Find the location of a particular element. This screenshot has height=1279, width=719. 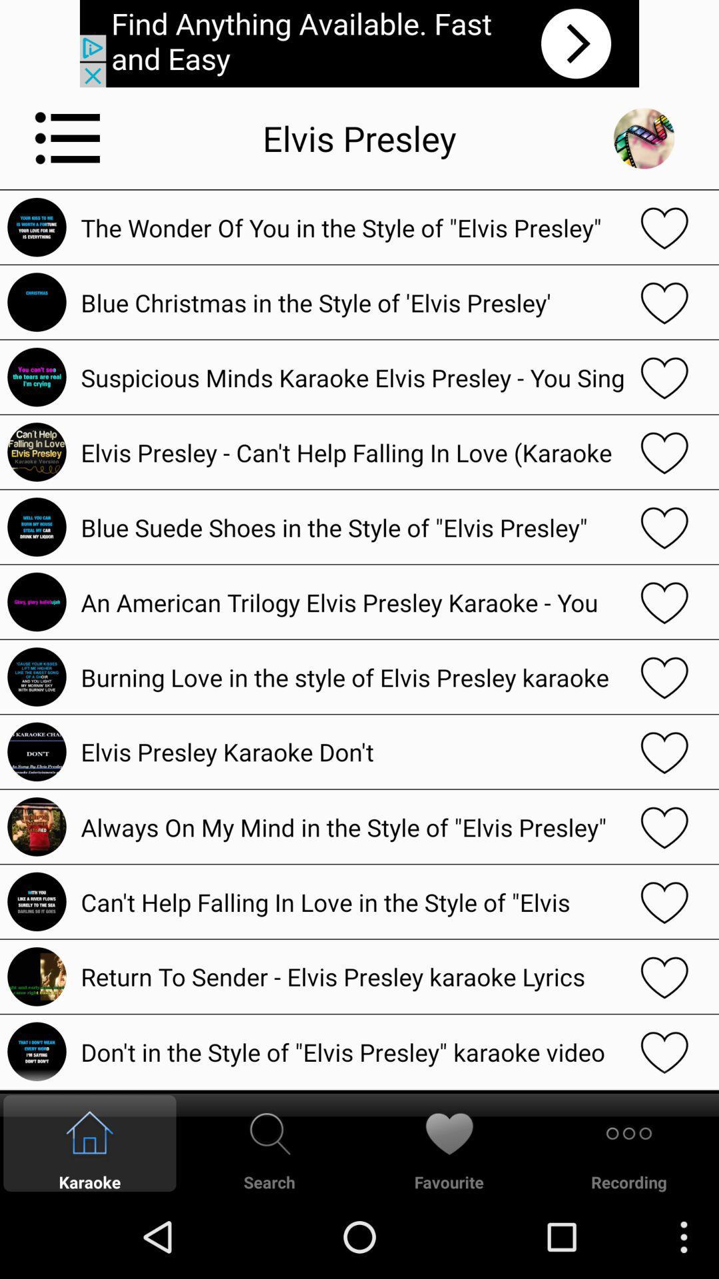

like option is located at coordinates (664, 977).